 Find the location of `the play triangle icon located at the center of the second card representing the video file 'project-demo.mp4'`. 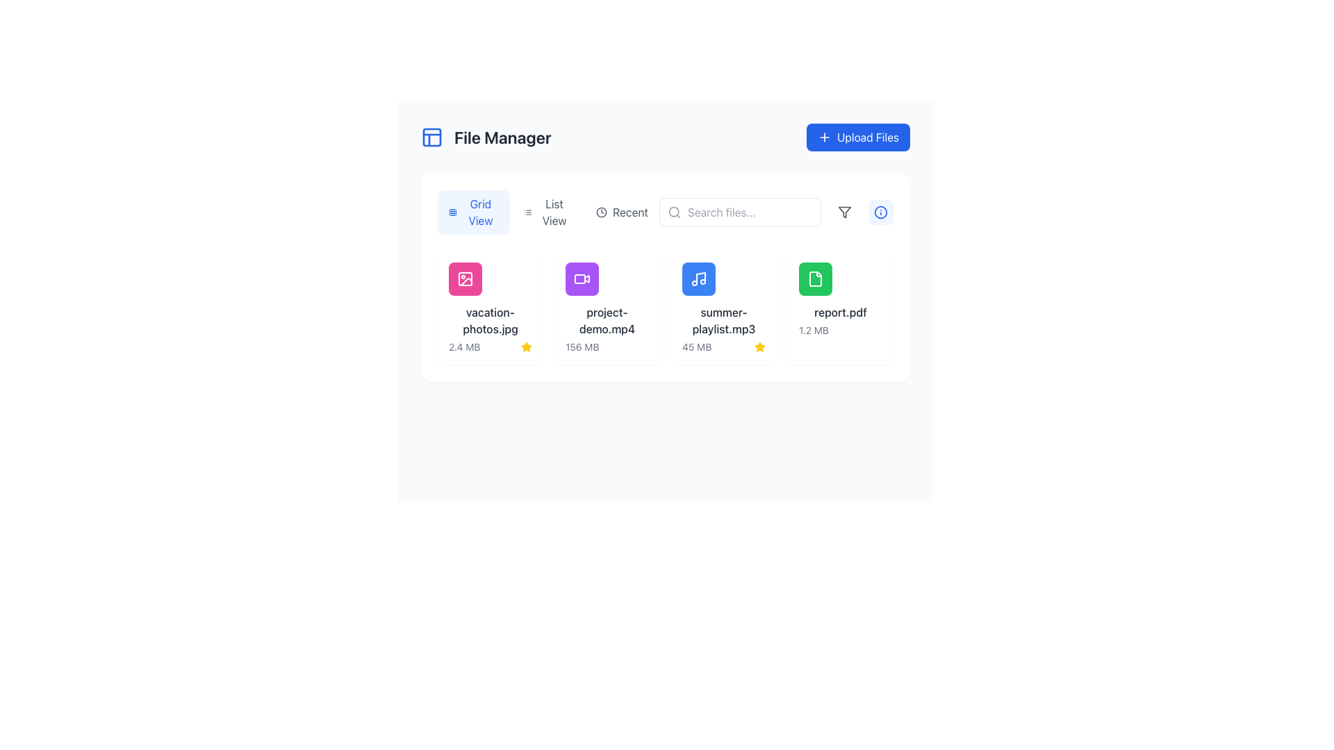

the play triangle icon located at the center of the second card representing the video file 'project-demo.mp4' is located at coordinates (586, 278).